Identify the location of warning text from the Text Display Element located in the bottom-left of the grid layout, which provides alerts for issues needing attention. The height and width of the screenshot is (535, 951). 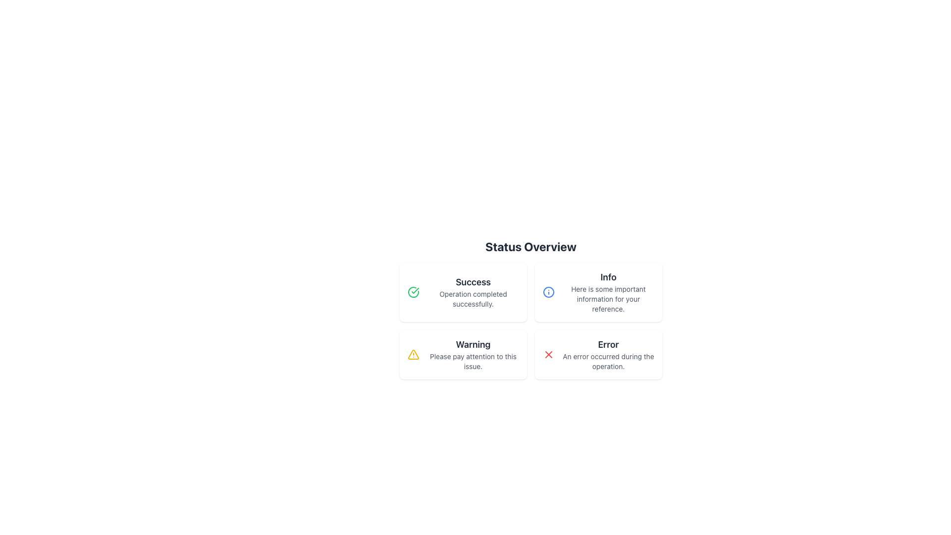
(473, 354).